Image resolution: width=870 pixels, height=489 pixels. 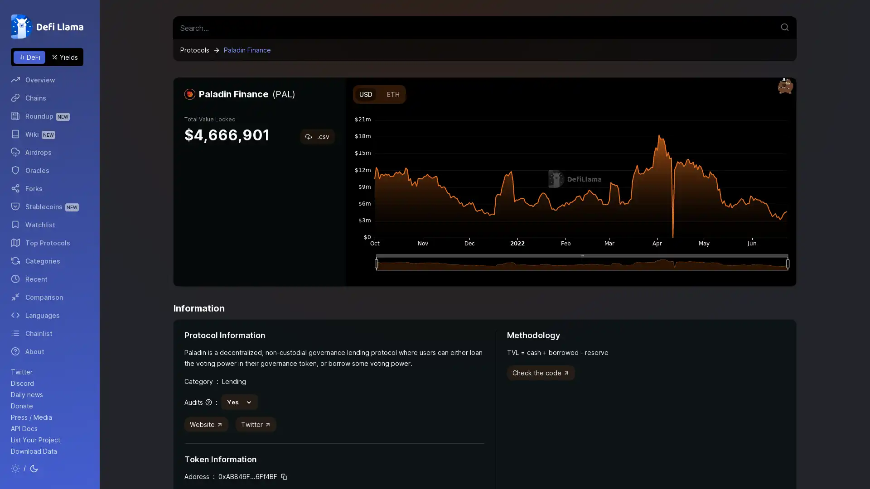 I want to click on /, so click(x=24, y=469).